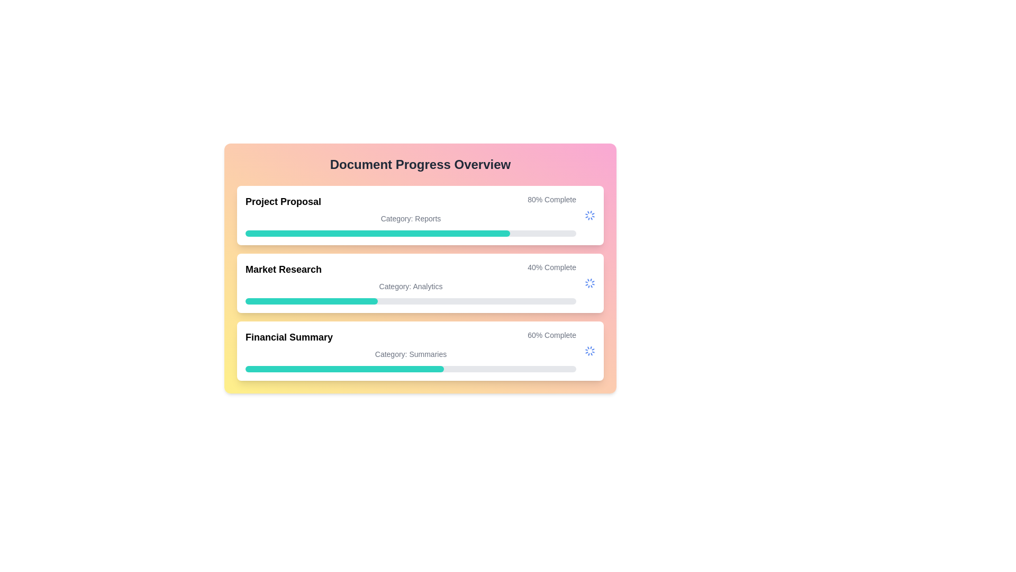 The height and width of the screenshot is (572, 1016). I want to click on progress percentage and category from the Summary Card titled 'Financial Summary' which has a white background and is the third card in the vertical stack, so click(420, 351).